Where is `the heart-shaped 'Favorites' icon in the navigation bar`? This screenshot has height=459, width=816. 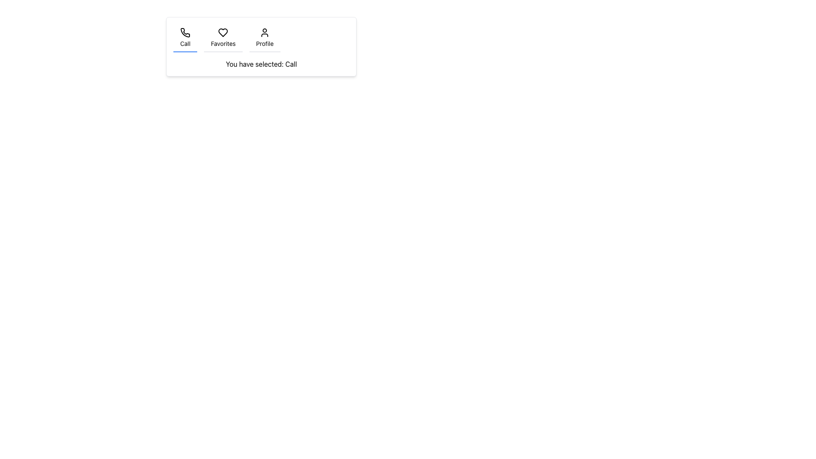
the heart-shaped 'Favorites' icon in the navigation bar is located at coordinates (223, 32).